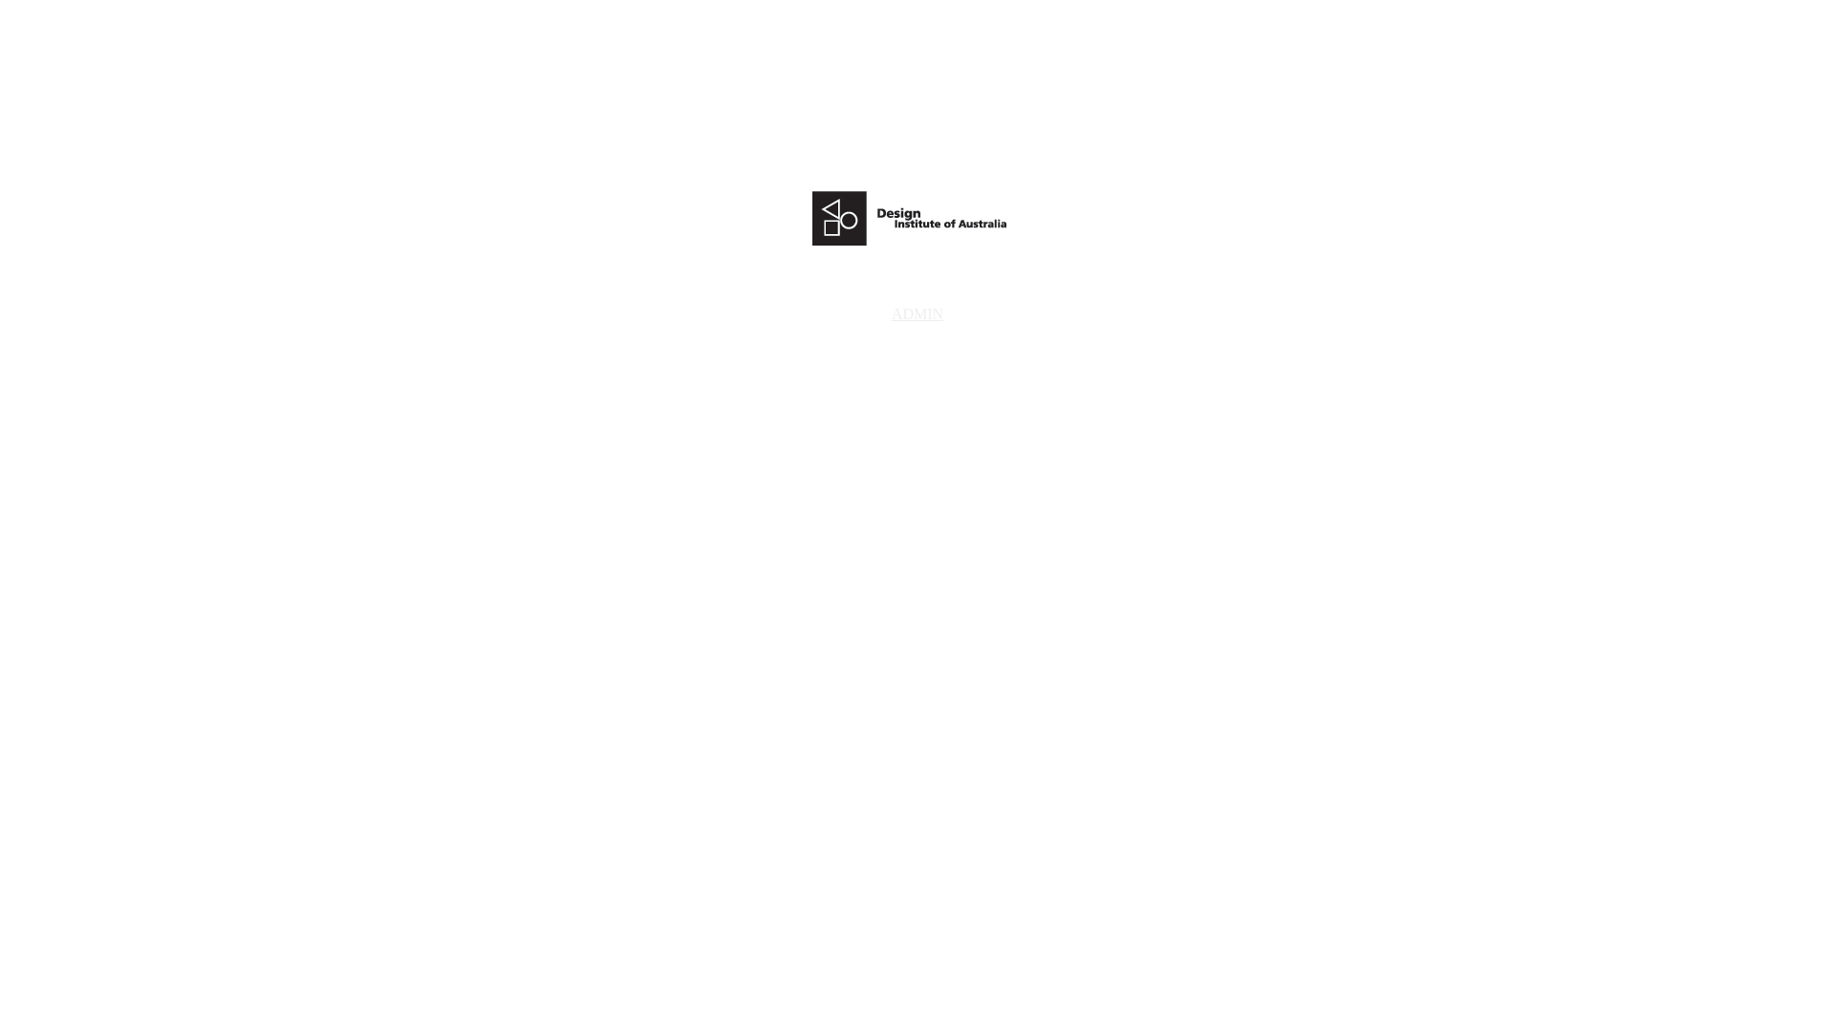 Image resolution: width=1835 pixels, height=1032 pixels. What do you see at coordinates (917, 312) in the screenshot?
I see `'ADMIN'` at bounding box center [917, 312].